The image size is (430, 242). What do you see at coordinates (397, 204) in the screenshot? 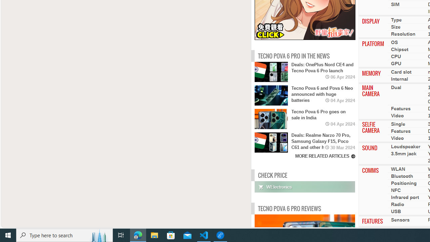
I see `'Radio'` at bounding box center [397, 204].